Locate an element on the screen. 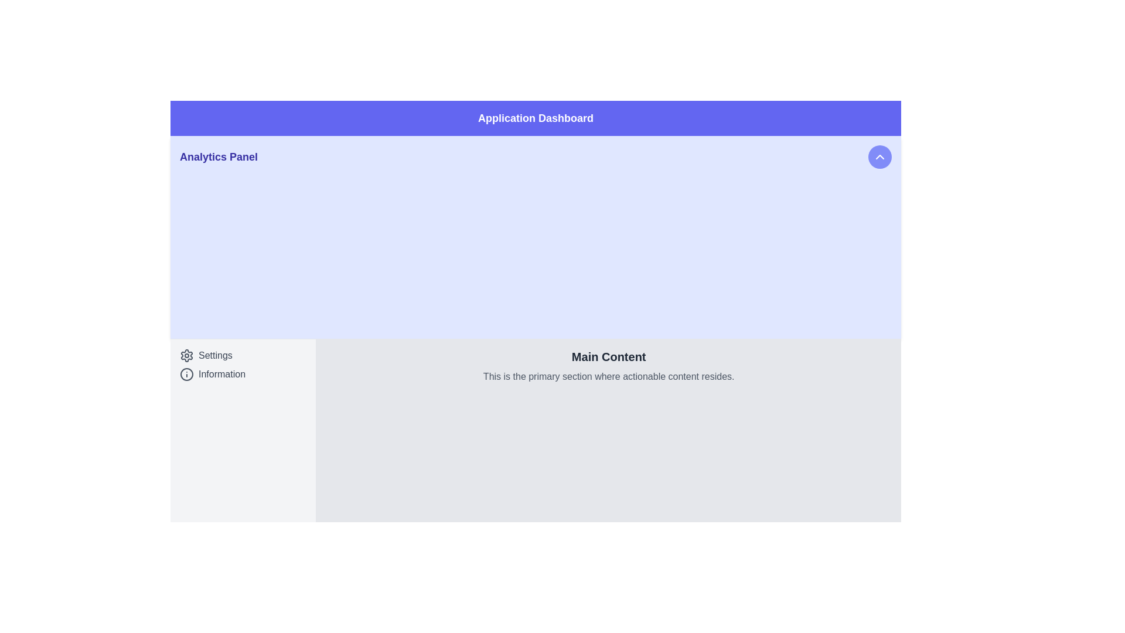 The height and width of the screenshot is (633, 1125). the text label saying 'This is the primary section where actionable content resides.' located below the 'Main Content' header is located at coordinates (609, 376).